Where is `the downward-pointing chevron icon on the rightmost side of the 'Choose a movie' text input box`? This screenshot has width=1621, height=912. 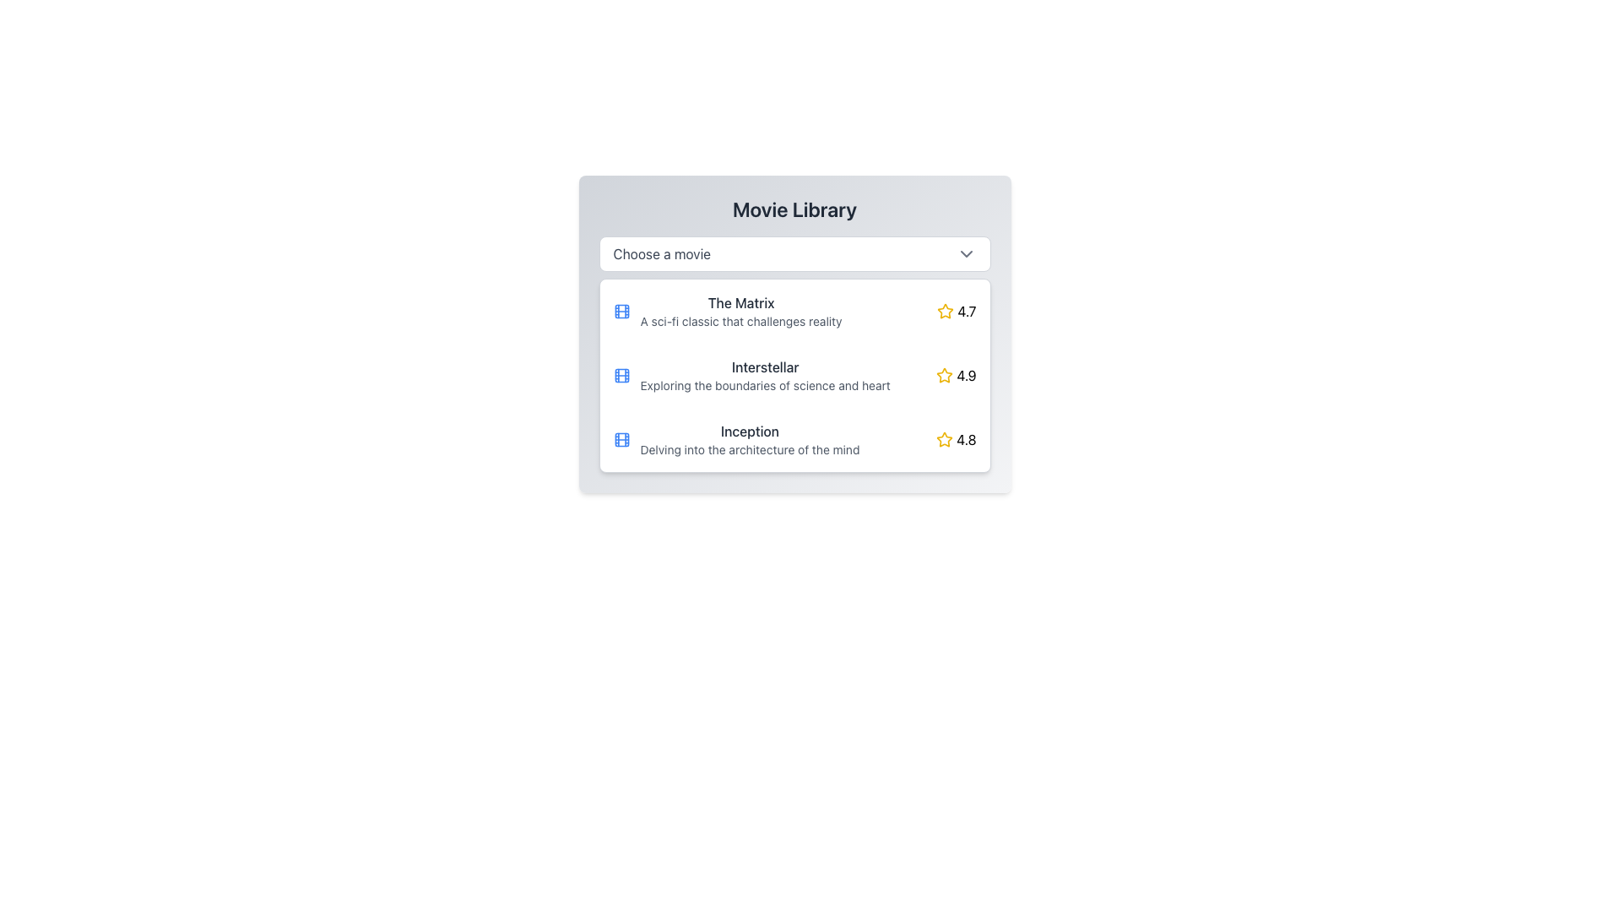
the downward-pointing chevron icon on the rightmost side of the 'Choose a movie' text input box is located at coordinates (966, 253).